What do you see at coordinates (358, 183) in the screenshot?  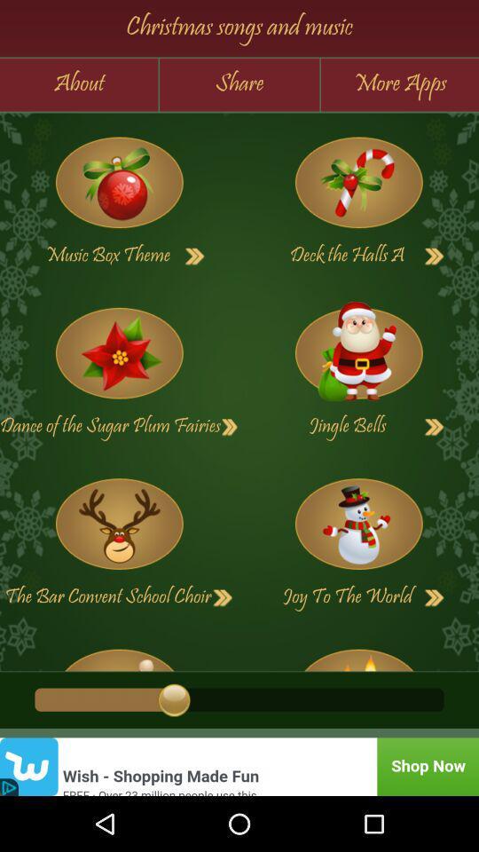 I see `song` at bounding box center [358, 183].